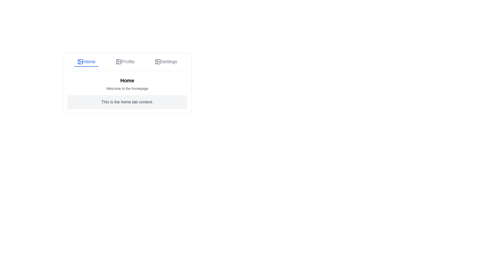  Describe the element at coordinates (80, 61) in the screenshot. I see `the rectangular SVG shape located within the 'Home' tab icon in the application interface, which is positioned towards the left side of the tab bar` at that location.